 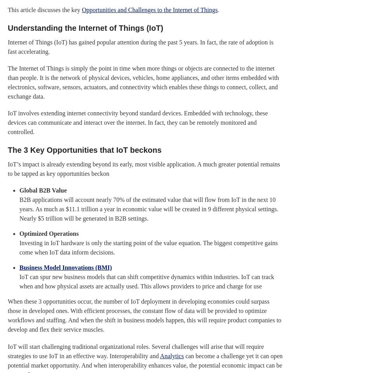 What do you see at coordinates (7, 27) in the screenshot?
I see `'Understanding the Internet of Things (IoT)'` at bounding box center [7, 27].